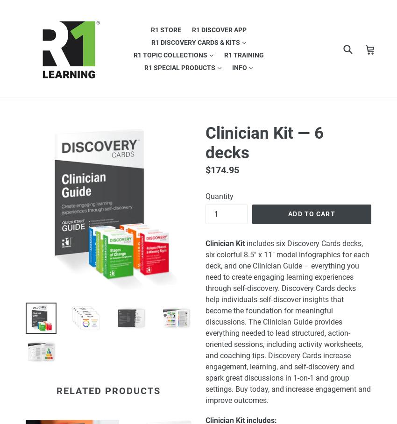 Image resolution: width=397 pixels, height=424 pixels. I want to click on 'R1 Store', so click(165, 29).